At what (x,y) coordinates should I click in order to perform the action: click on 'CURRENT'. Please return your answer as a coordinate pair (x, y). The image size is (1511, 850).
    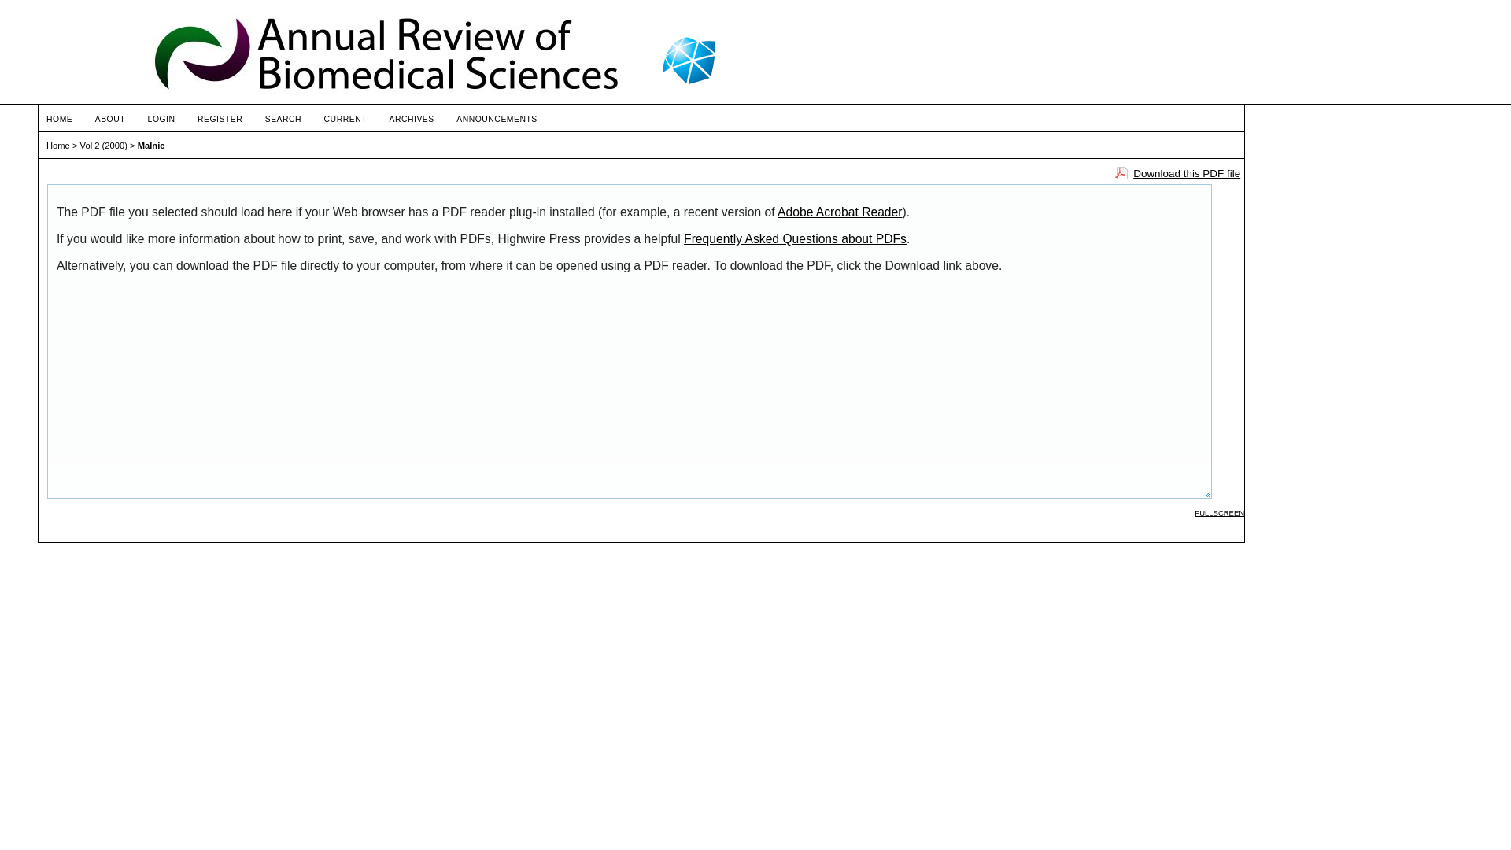
    Looking at the image, I should click on (344, 118).